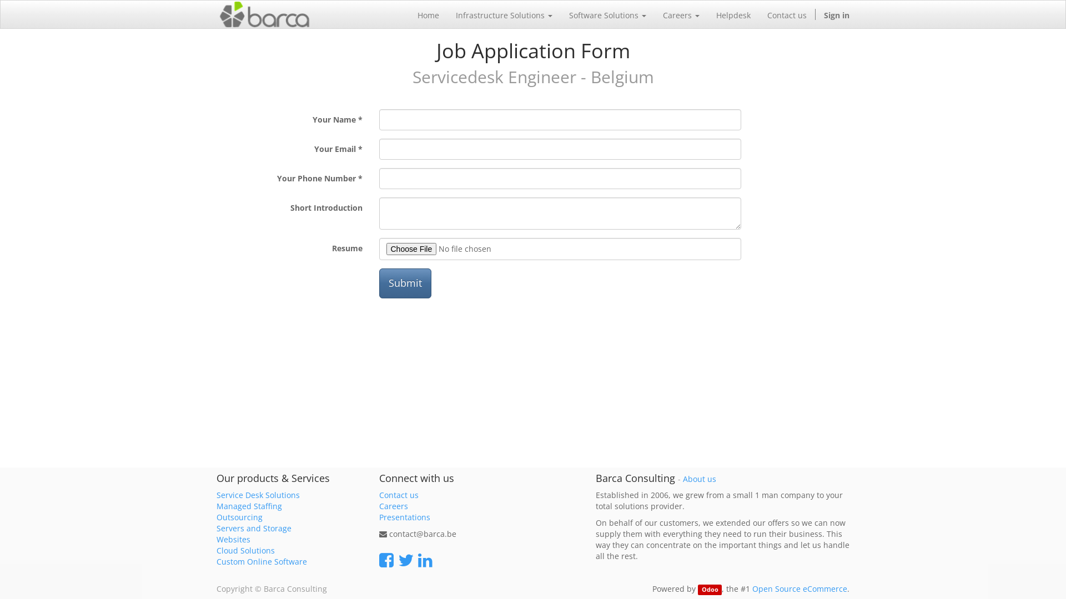 This screenshot has height=599, width=1066. Describe the element at coordinates (216, 550) in the screenshot. I see `'Cloud Solutions'` at that location.